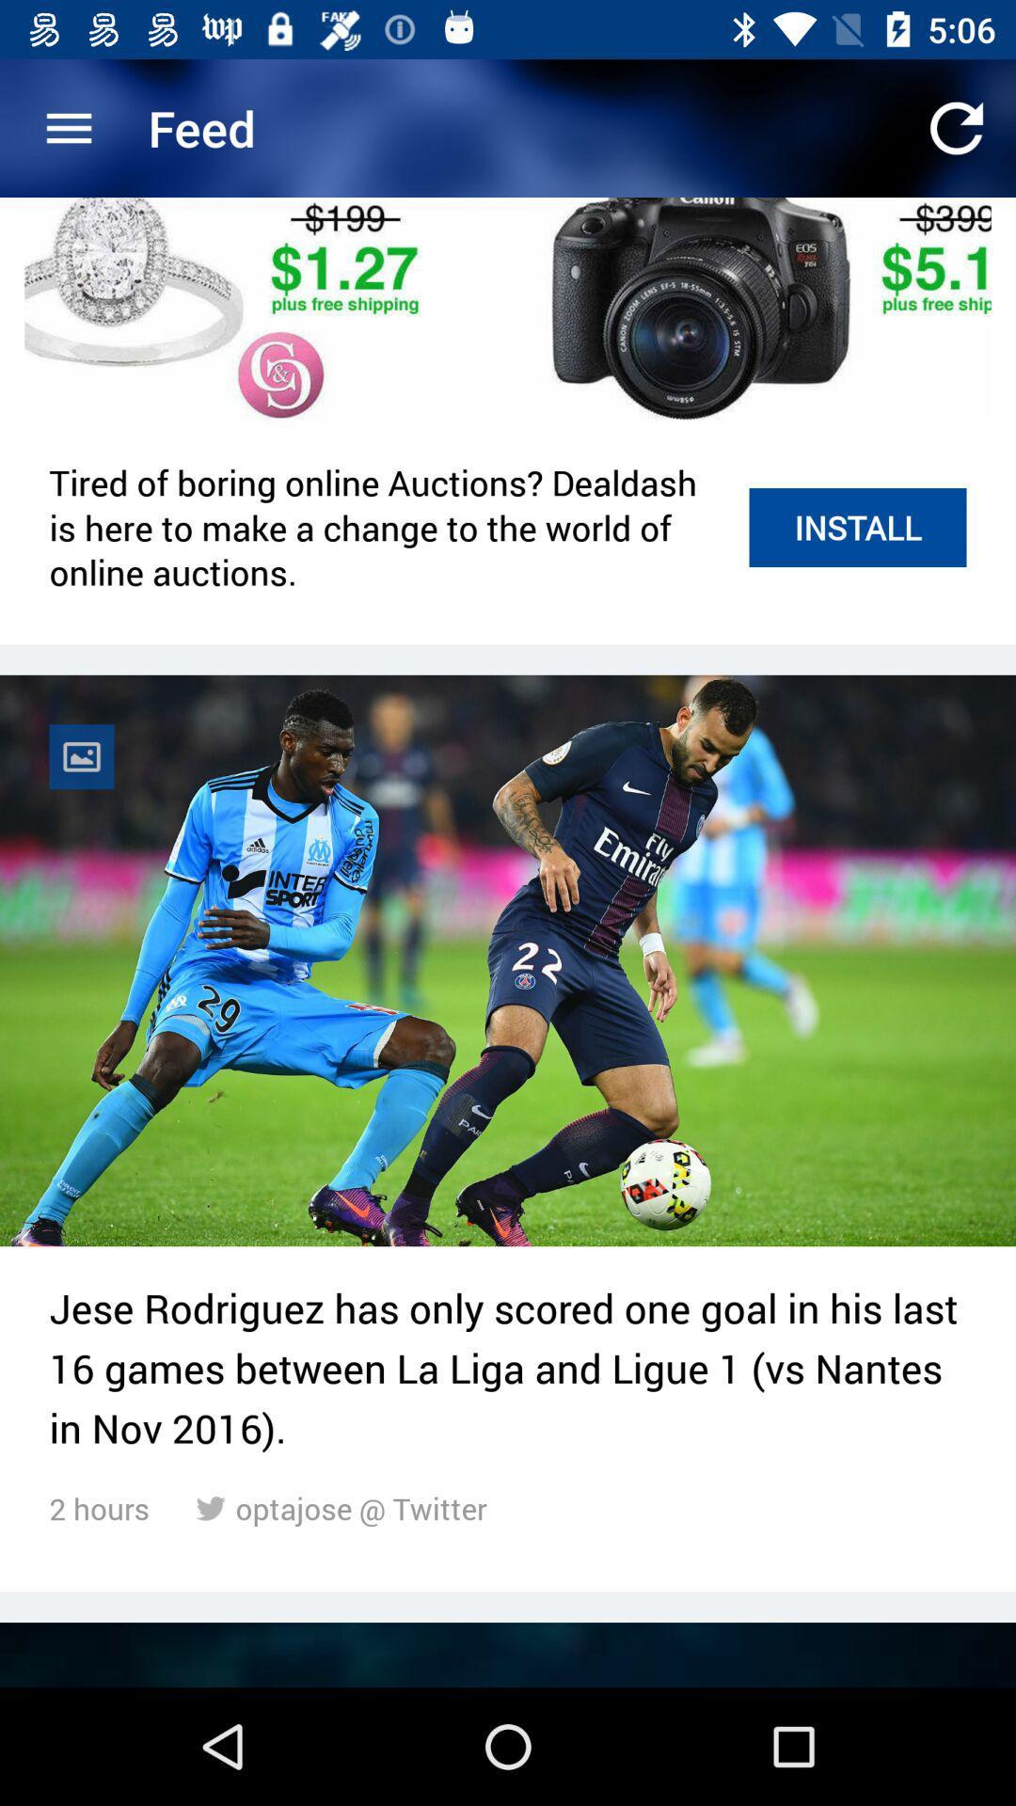 This screenshot has height=1806, width=1016. What do you see at coordinates (857, 527) in the screenshot?
I see `item to the right of tired of boring` at bounding box center [857, 527].